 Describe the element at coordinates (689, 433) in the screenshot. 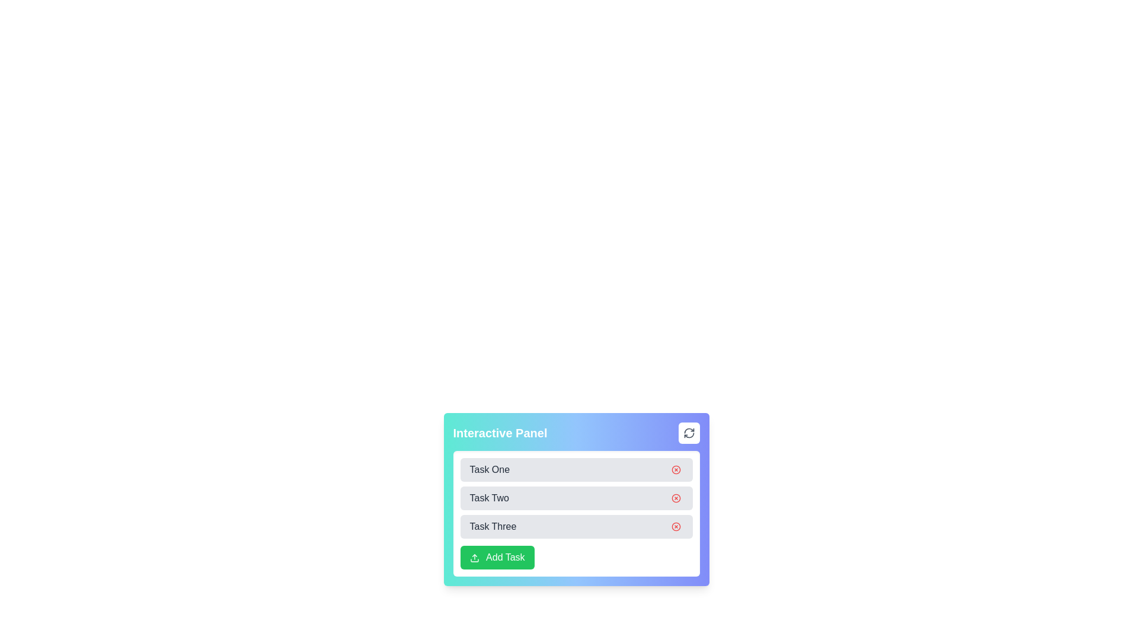

I see `the refresh button located in the top-right corner of the 'Interactive Panel'` at that location.